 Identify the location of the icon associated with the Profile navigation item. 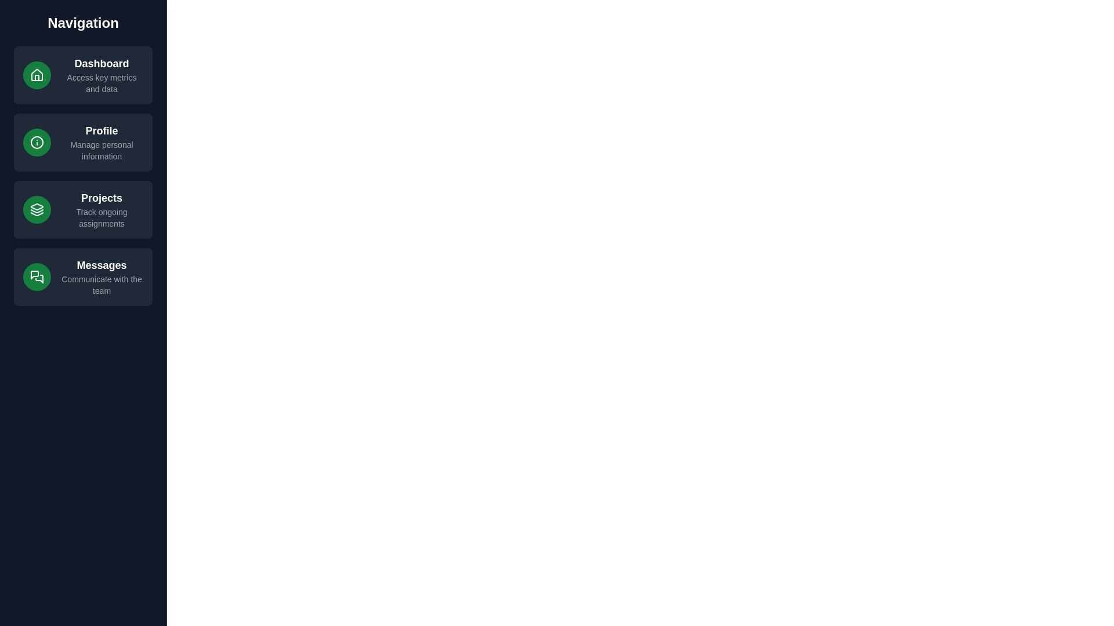
(37, 142).